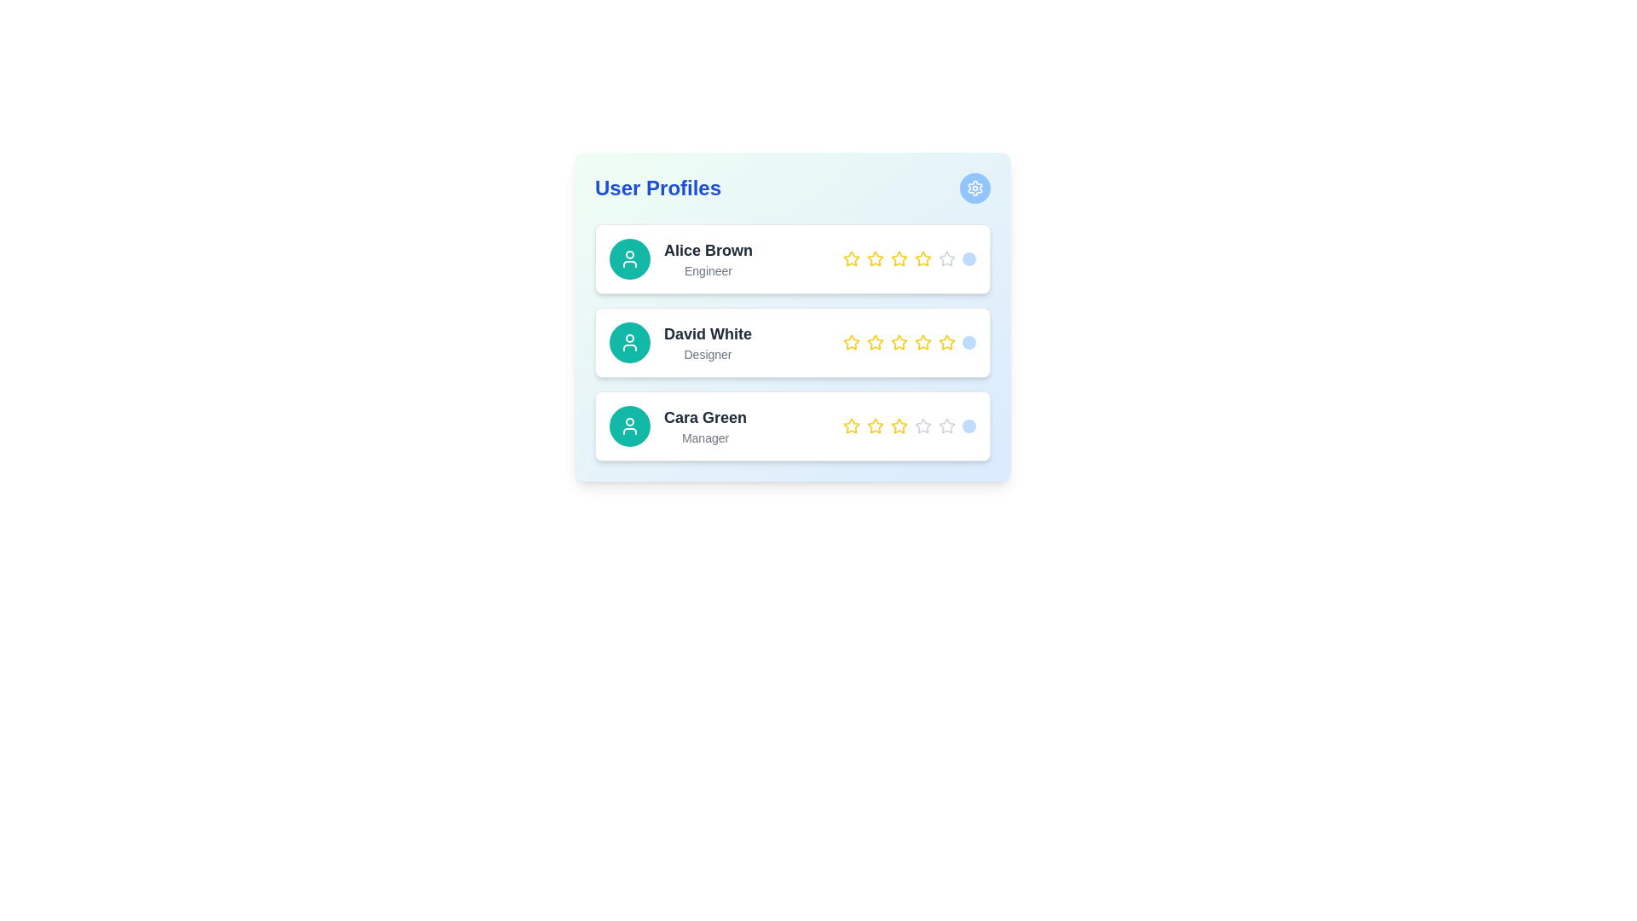 The height and width of the screenshot is (921, 1637). I want to click on the text display element that shows user details for 'Cara Green - Manager' in the third user profile card of the list, so click(705, 426).